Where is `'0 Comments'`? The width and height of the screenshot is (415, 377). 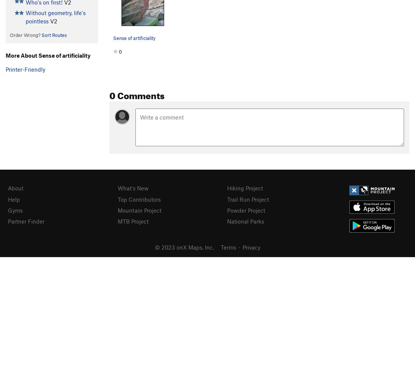
'0 Comments' is located at coordinates (137, 93).